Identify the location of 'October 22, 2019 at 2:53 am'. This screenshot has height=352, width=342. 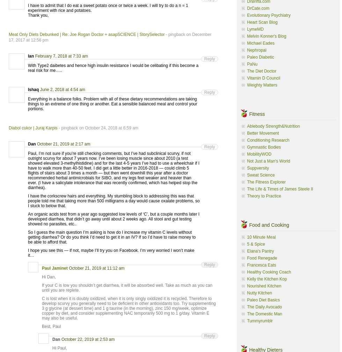
(88, 339).